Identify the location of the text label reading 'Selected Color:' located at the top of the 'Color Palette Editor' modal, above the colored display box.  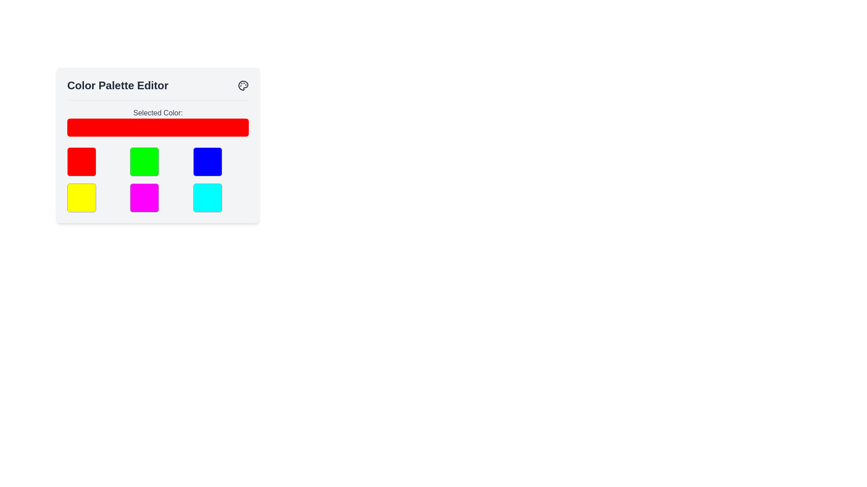
(158, 112).